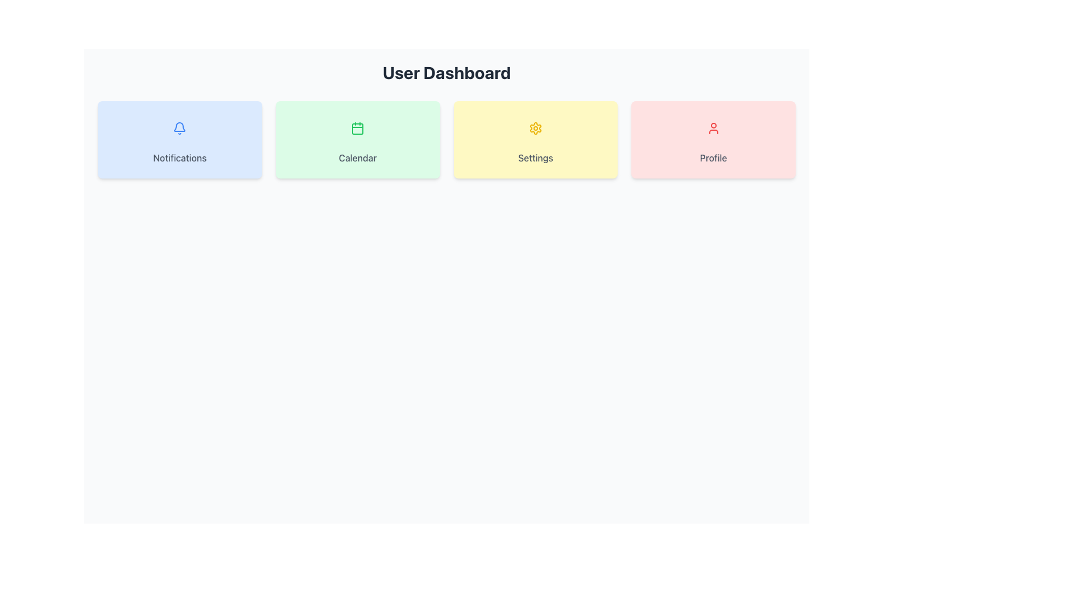  Describe the element at coordinates (357, 157) in the screenshot. I see `the text label 'Calendar' styled in medium gray, located inside the green box, which is the second item in a horizontally aligned list on the dashboard` at that location.